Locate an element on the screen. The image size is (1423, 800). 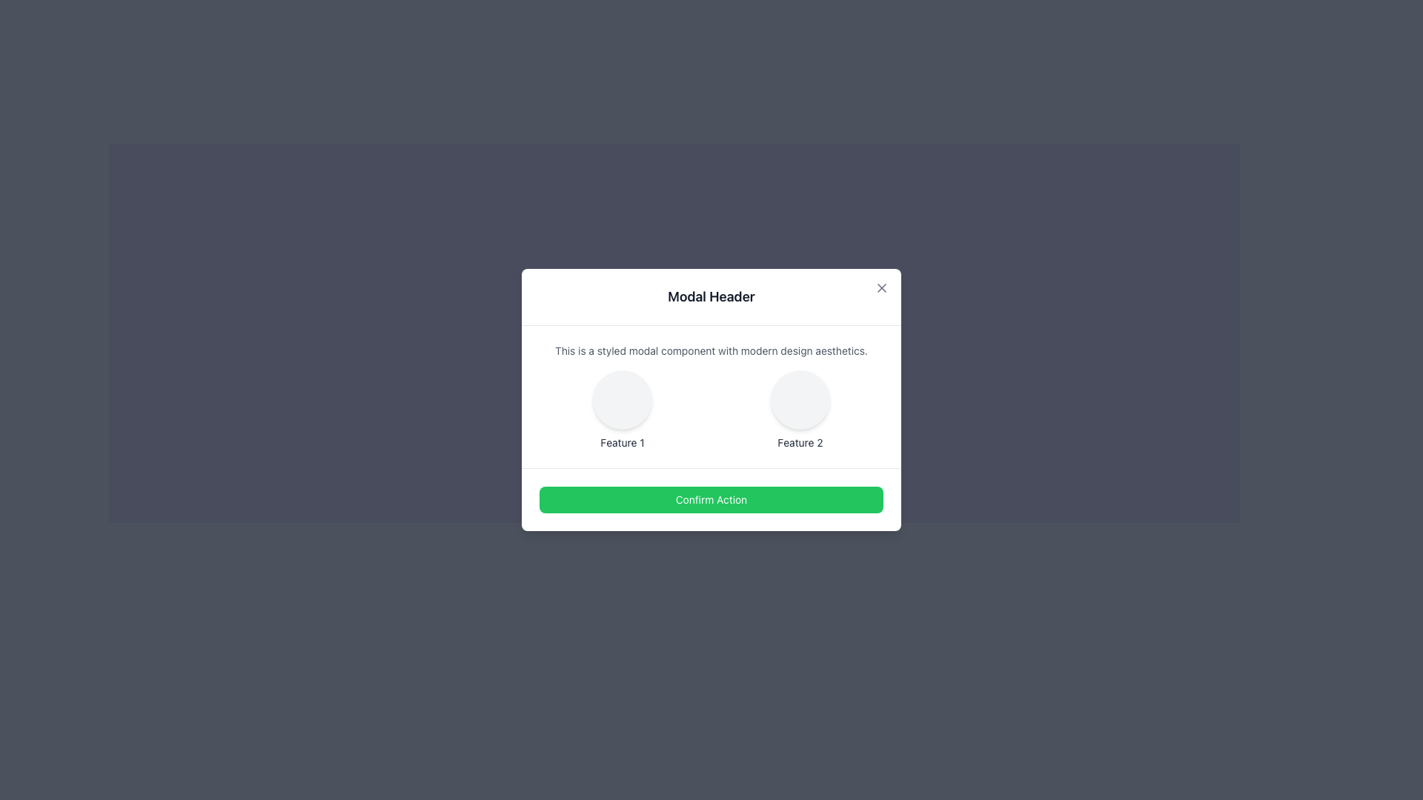
the modal header, which is a rectangular bar at the top of the modal dialog box with the label 'Modal Header' in large, bold black font is located at coordinates (711, 297).